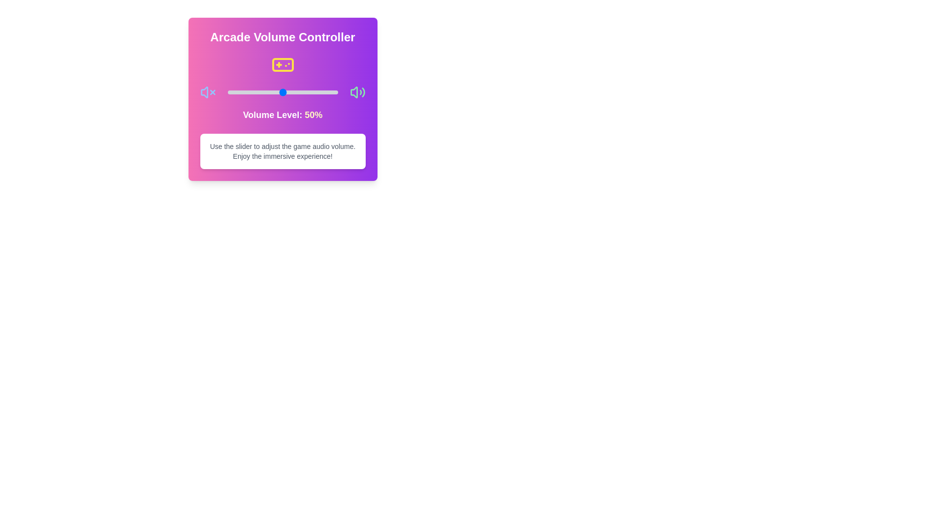 The height and width of the screenshot is (531, 945). I want to click on the volume to 20% by dragging the slider, so click(250, 92).